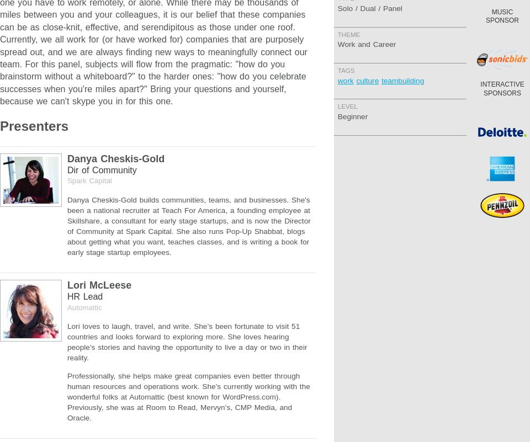 The width and height of the screenshot is (530, 442). Describe the element at coordinates (188, 396) in the screenshot. I see `'Professionally, she helps make great companies even better through human resources and operations work. She’s currently working with the wonderful folks at Automattic (best known for WordPress.com). Previously, she was at Room to Read, Mervyn’s, CMP Media, and Oracle.'` at that location.